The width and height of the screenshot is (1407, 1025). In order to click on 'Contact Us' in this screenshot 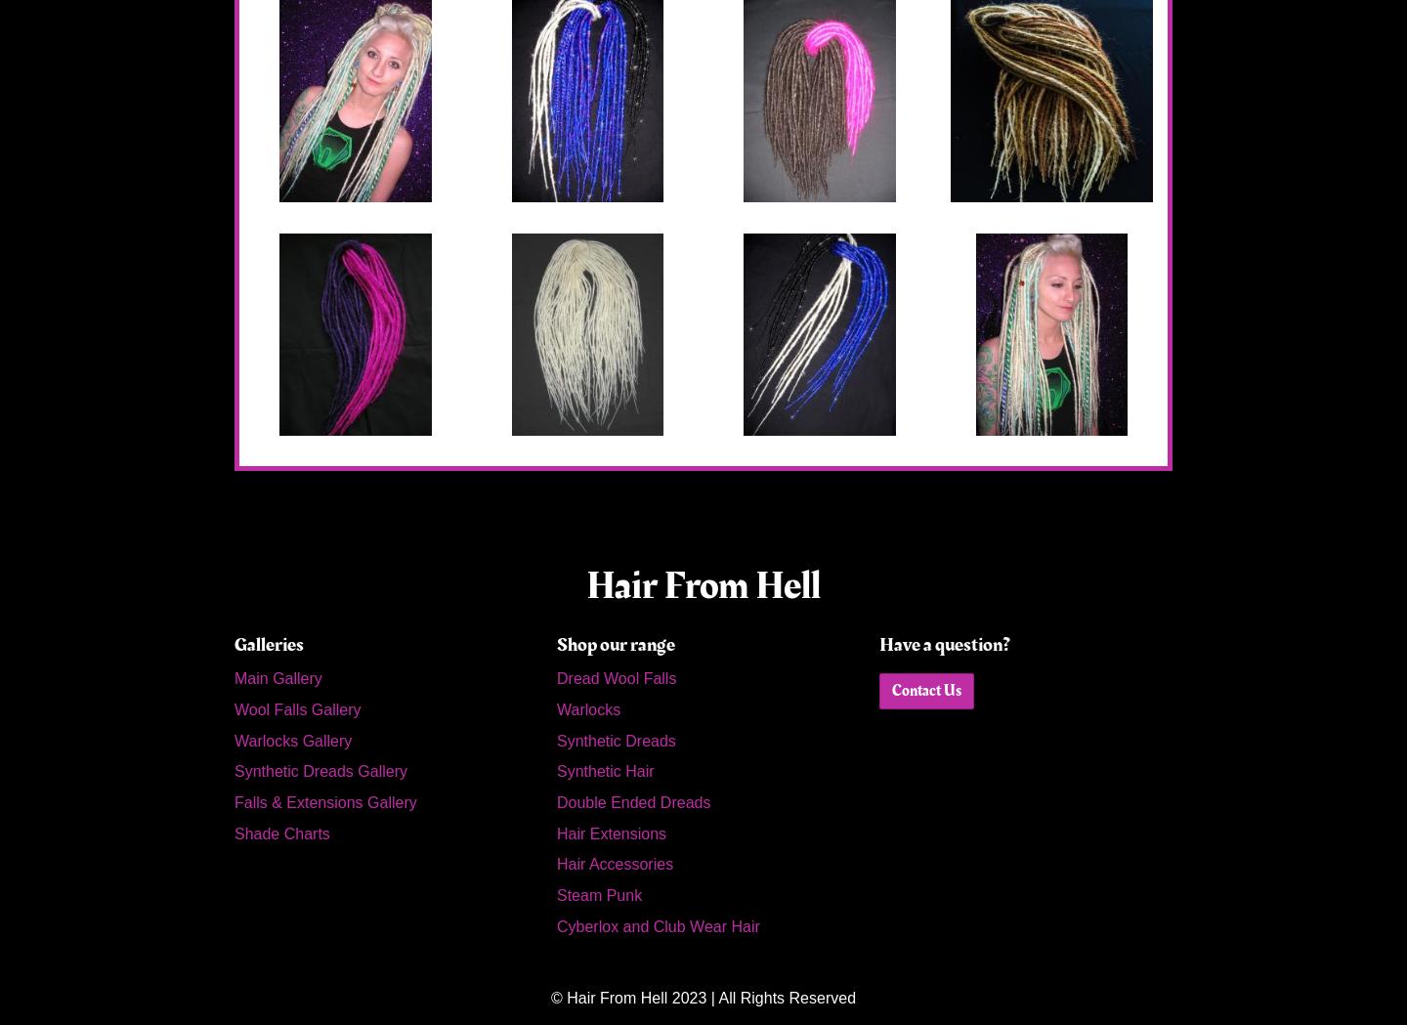, I will do `click(891, 691)`.